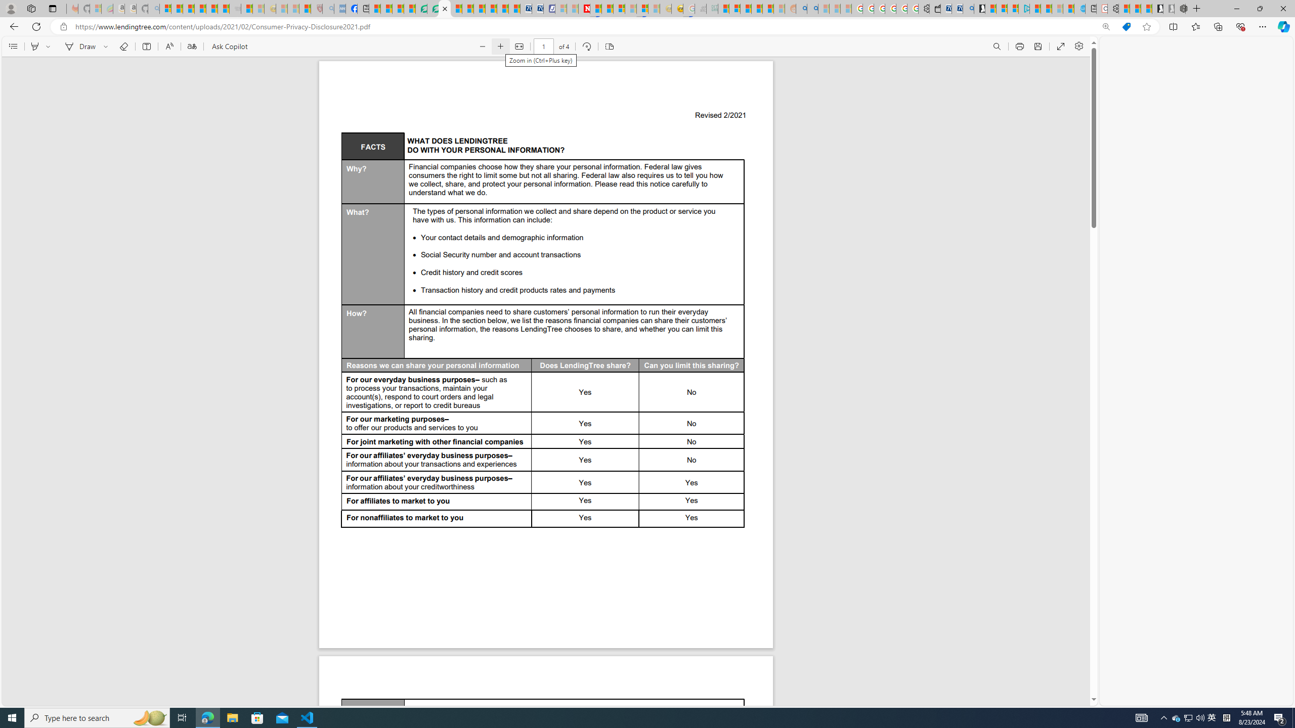 Image resolution: width=1295 pixels, height=728 pixels. What do you see at coordinates (934, 8) in the screenshot?
I see `'Wallet'` at bounding box center [934, 8].